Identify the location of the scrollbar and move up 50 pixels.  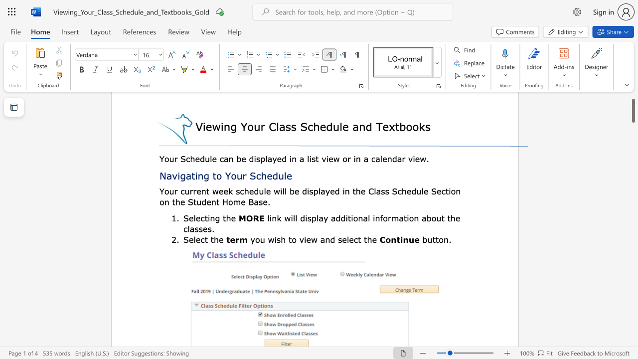
(633, 111).